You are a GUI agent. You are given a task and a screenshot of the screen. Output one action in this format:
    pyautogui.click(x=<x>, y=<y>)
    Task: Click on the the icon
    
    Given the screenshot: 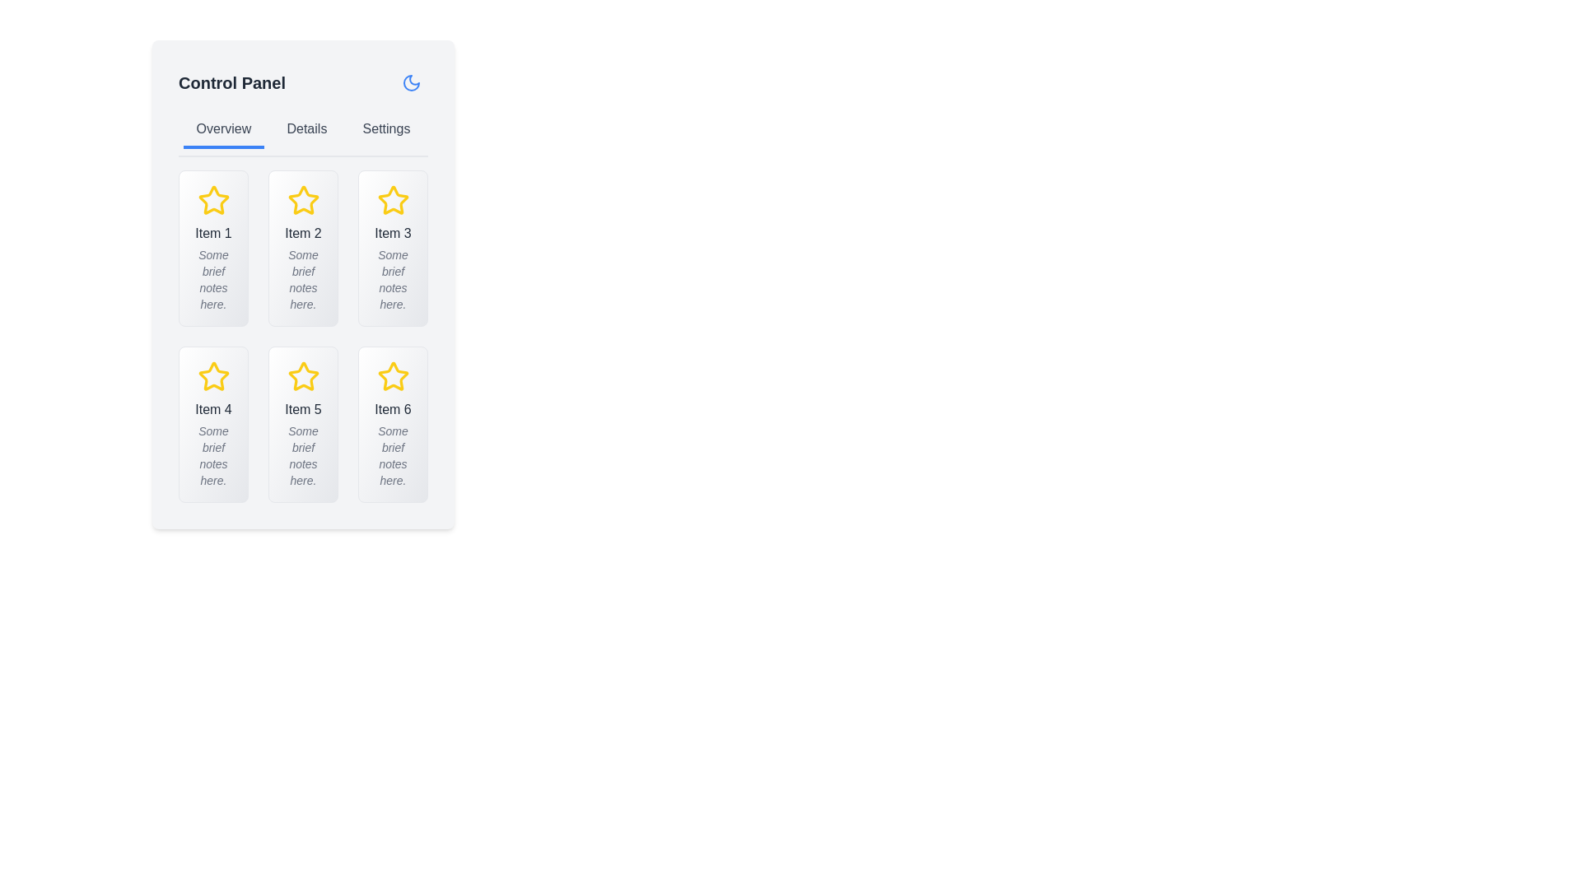 What is the action you would take?
    pyautogui.click(x=303, y=376)
    